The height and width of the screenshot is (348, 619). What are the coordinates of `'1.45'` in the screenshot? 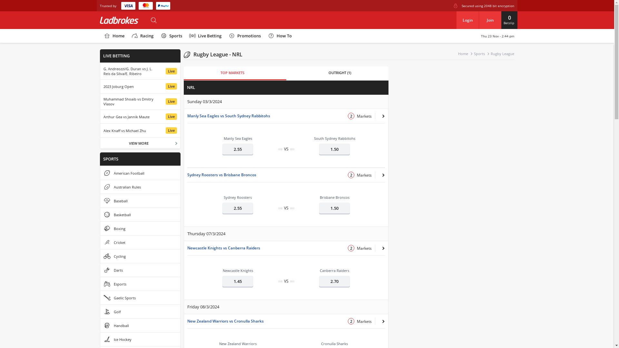 It's located at (237, 281).